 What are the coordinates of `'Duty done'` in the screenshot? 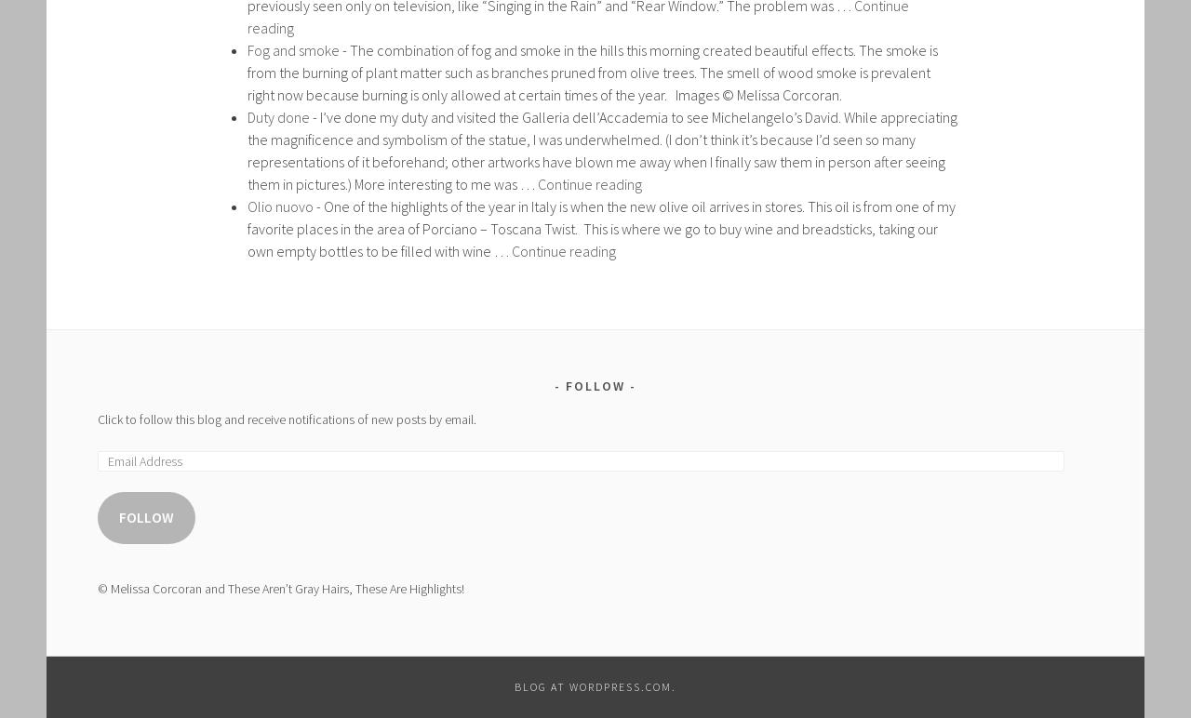 It's located at (277, 114).